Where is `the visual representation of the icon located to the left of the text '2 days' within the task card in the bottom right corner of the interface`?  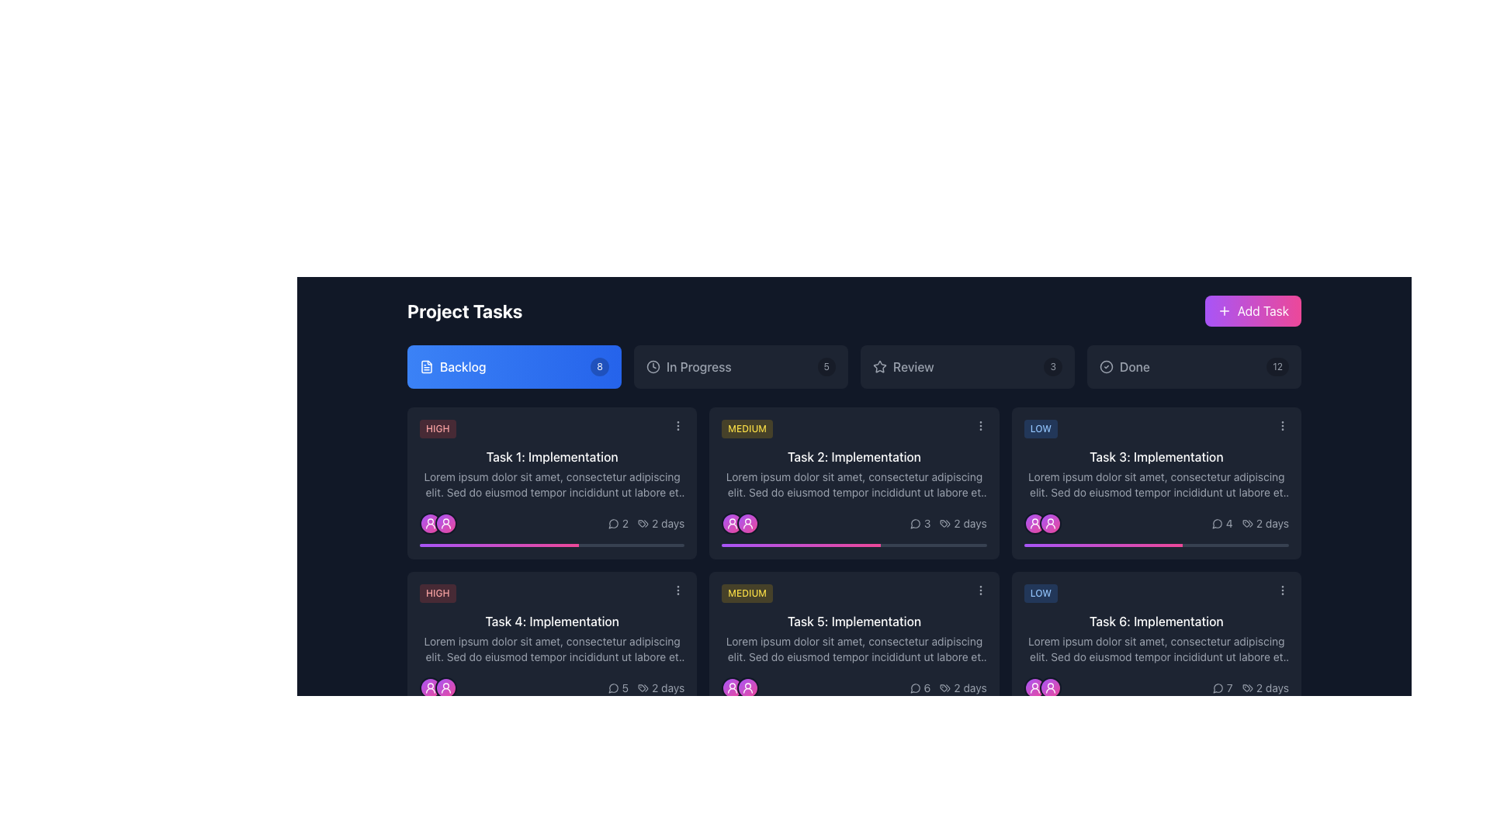
the visual representation of the icon located to the left of the text '2 days' within the task card in the bottom right corner of the interface is located at coordinates (944, 524).